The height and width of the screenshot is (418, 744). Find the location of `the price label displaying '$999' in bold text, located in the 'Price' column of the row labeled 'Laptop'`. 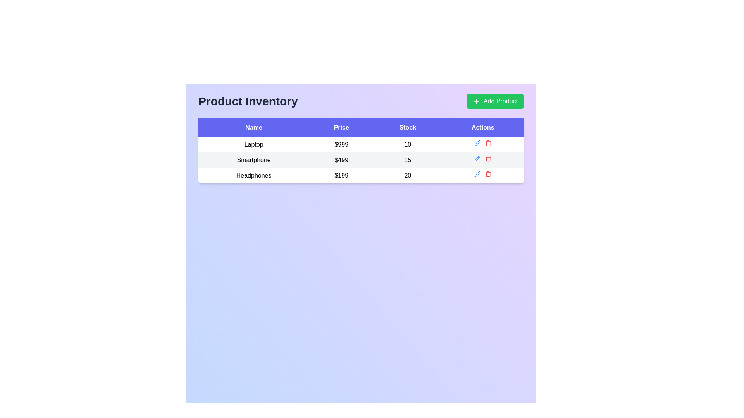

the price label displaying '$999' in bold text, located in the 'Price' column of the row labeled 'Laptop' is located at coordinates (341, 145).